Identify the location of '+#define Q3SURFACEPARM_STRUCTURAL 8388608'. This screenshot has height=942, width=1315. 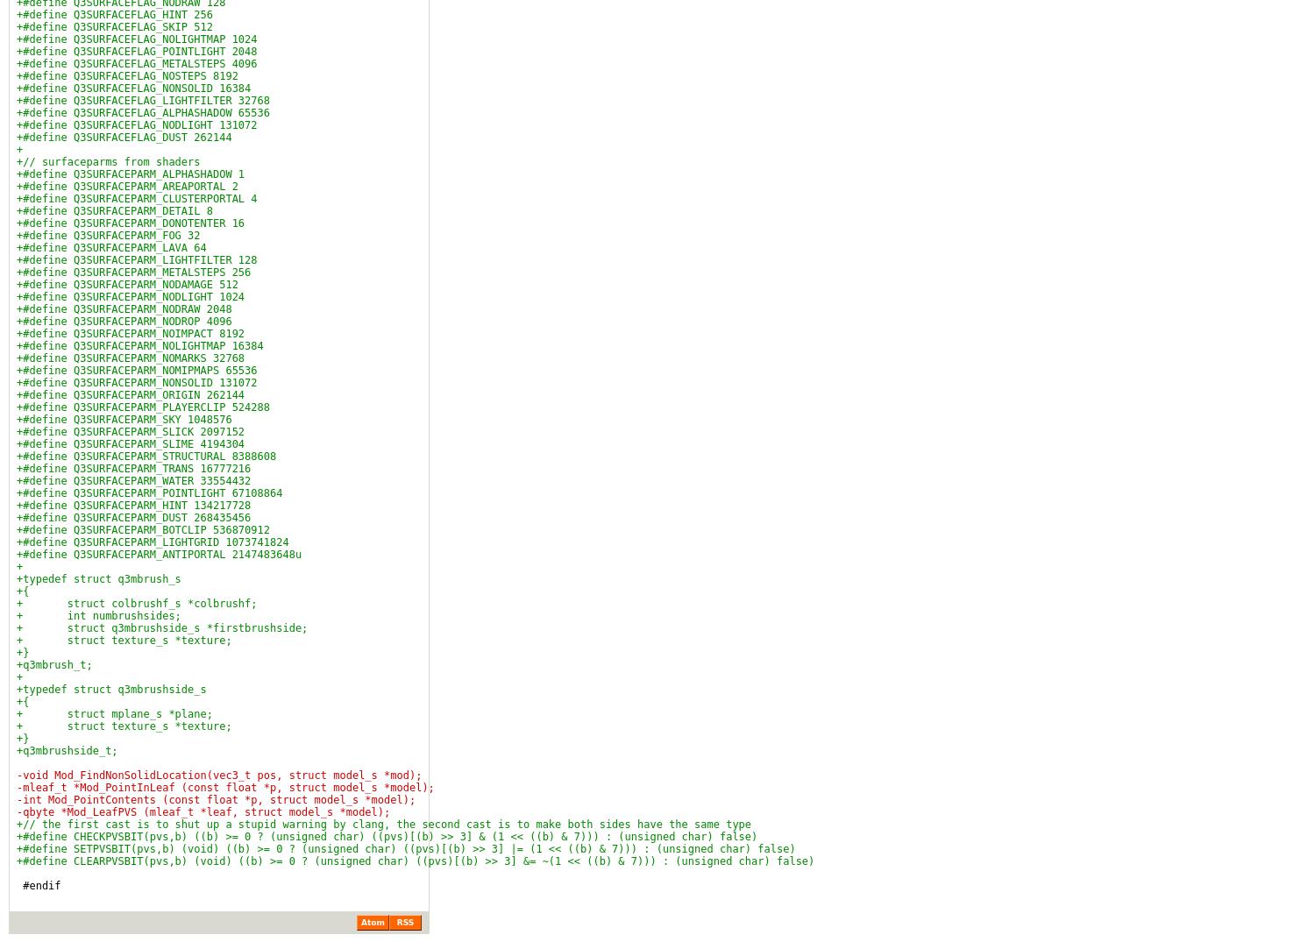
(146, 456).